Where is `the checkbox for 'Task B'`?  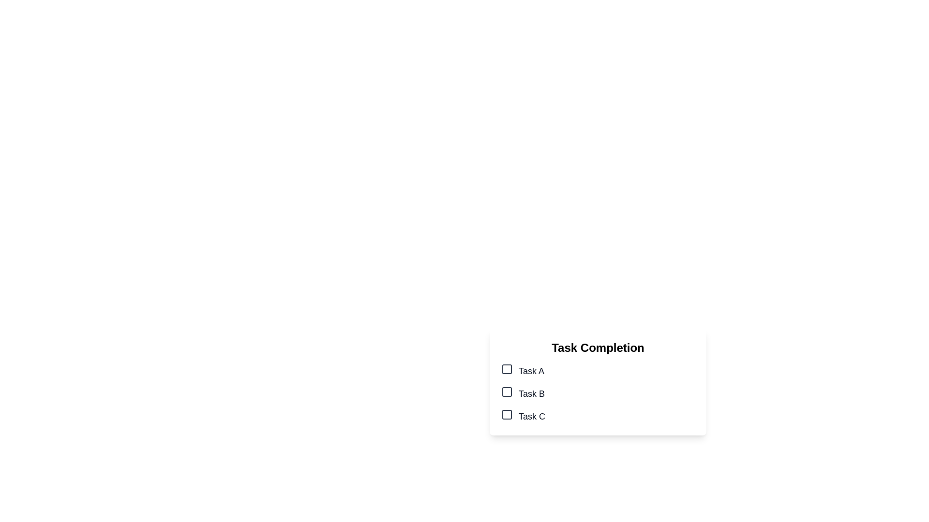 the checkbox for 'Task B' is located at coordinates (506, 393).